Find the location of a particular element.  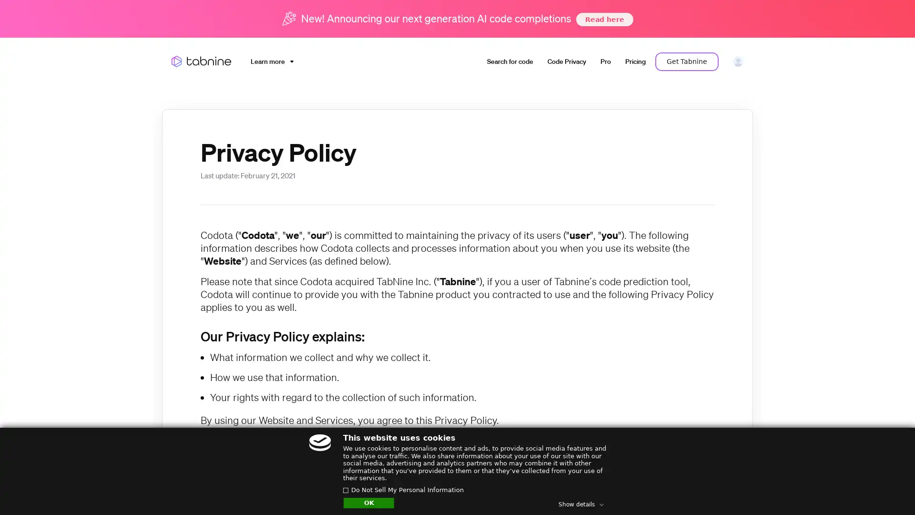

Get Tabnine is located at coordinates (687, 61).